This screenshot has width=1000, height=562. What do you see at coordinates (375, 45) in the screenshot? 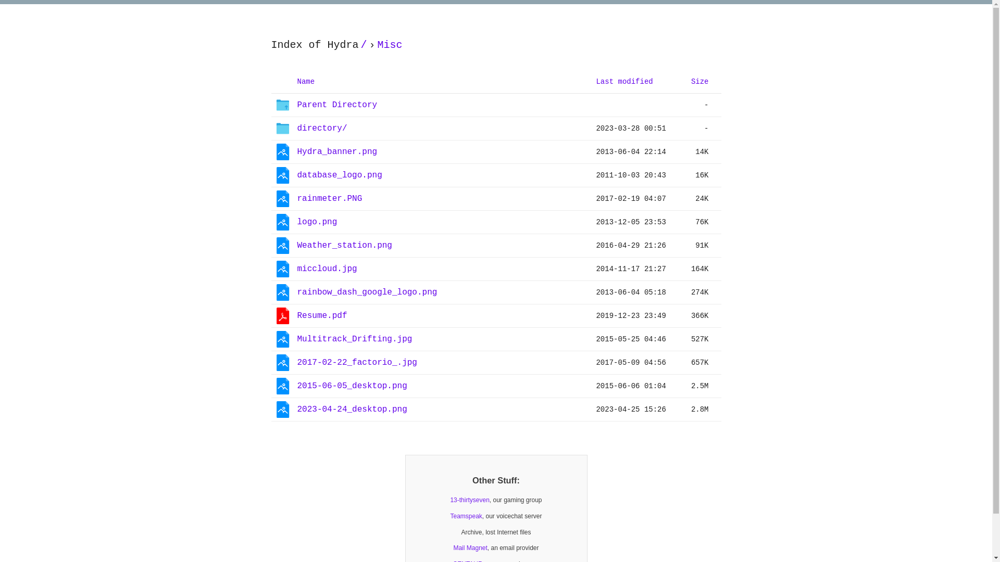
I see `'Misc'` at bounding box center [375, 45].